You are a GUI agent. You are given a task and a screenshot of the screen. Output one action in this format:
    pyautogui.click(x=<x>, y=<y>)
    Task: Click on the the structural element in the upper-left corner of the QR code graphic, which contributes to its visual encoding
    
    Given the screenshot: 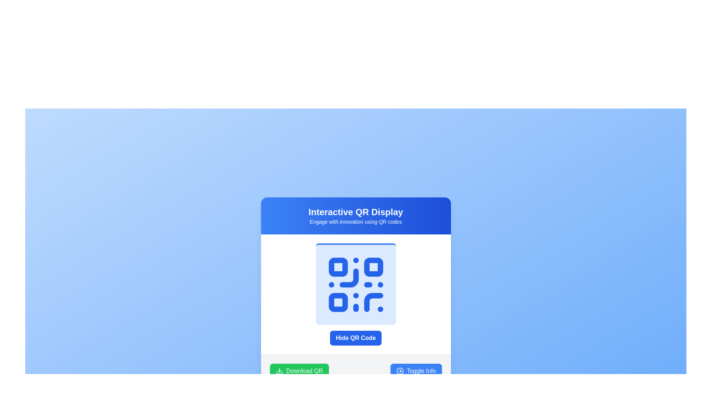 What is the action you would take?
    pyautogui.click(x=337, y=267)
    